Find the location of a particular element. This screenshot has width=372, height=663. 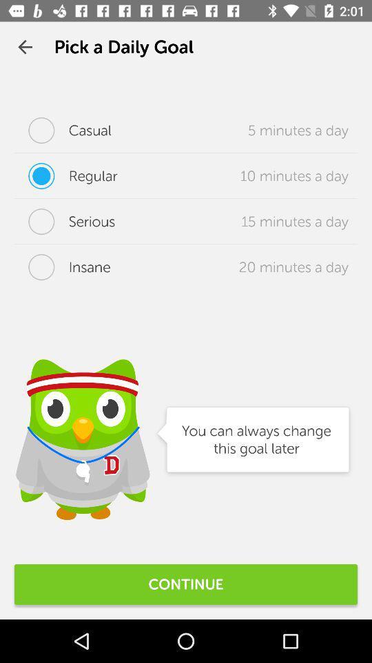

item to the left of 15 minutes a is located at coordinates (64, 222).